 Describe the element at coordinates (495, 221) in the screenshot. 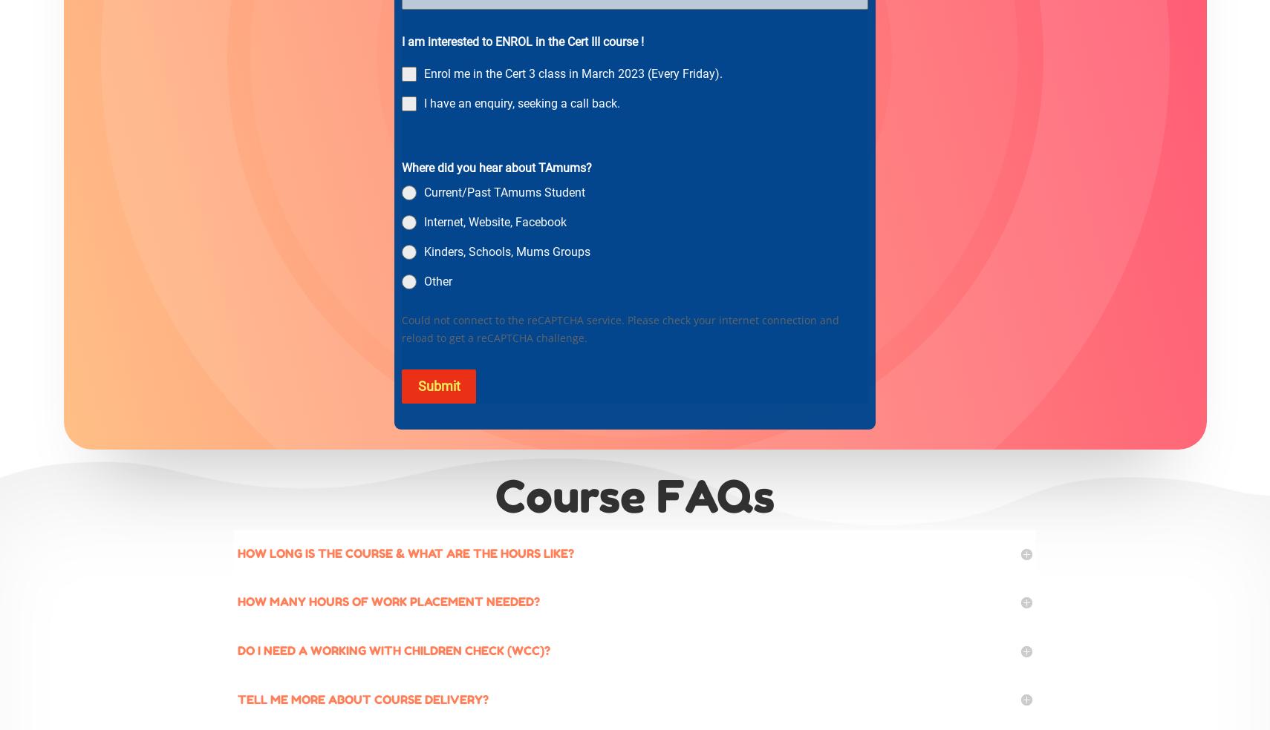

I see `'Internet, Website, Facebook'` at that location.